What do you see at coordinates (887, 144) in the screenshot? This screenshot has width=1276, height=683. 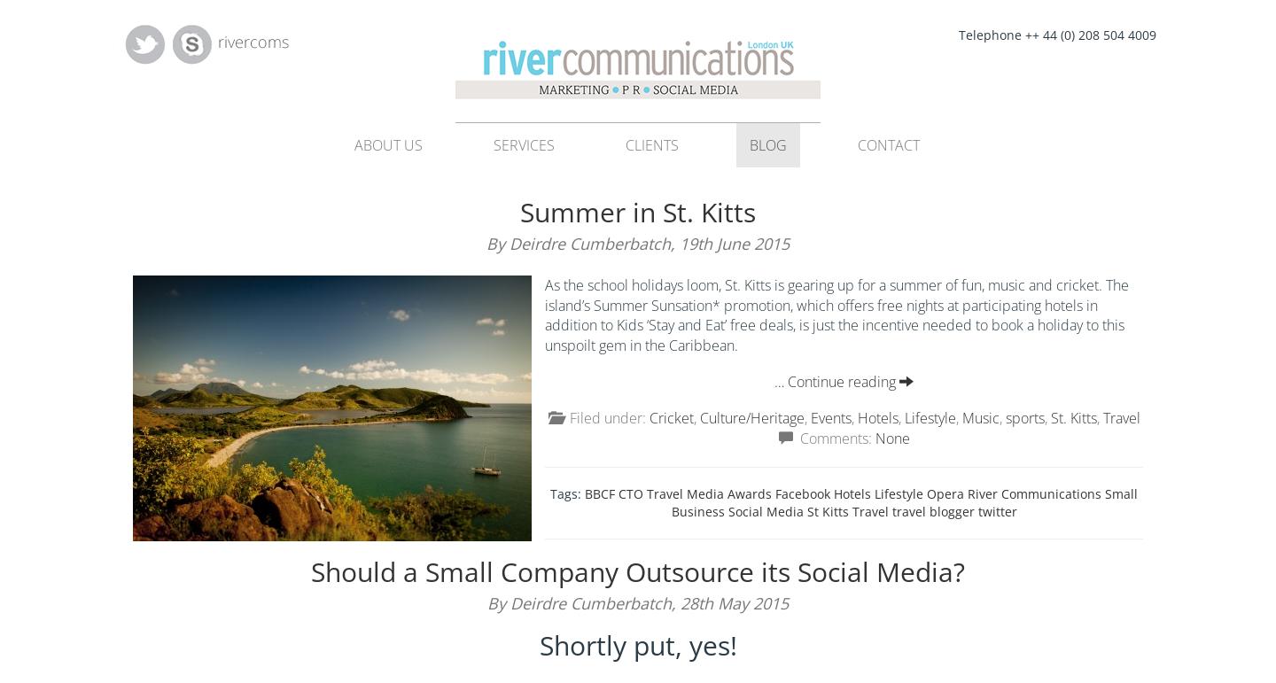 I see `'Contact'` at bounding box center [887, 144].